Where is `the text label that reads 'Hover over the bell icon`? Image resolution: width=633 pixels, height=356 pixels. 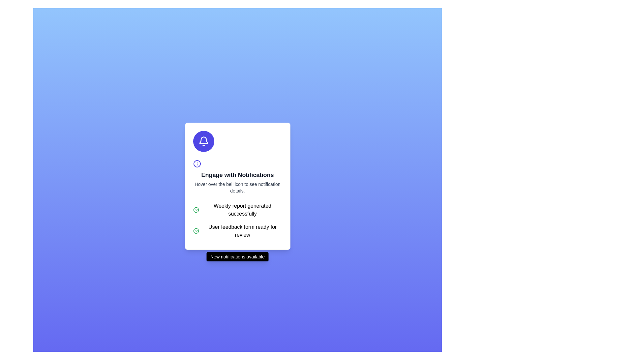
the text label that reads 'Hover over the bell icon is located at coordinates (237, 188).